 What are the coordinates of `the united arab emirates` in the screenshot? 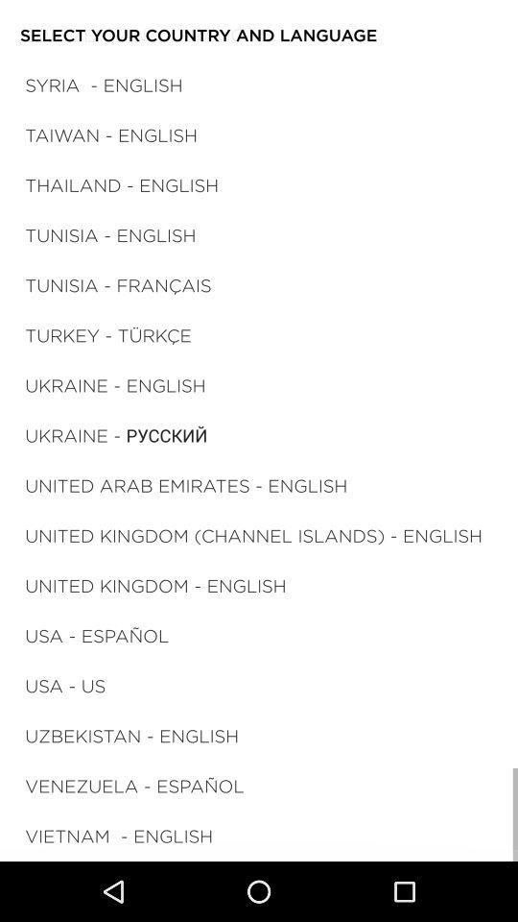 It's located at (186, 484).